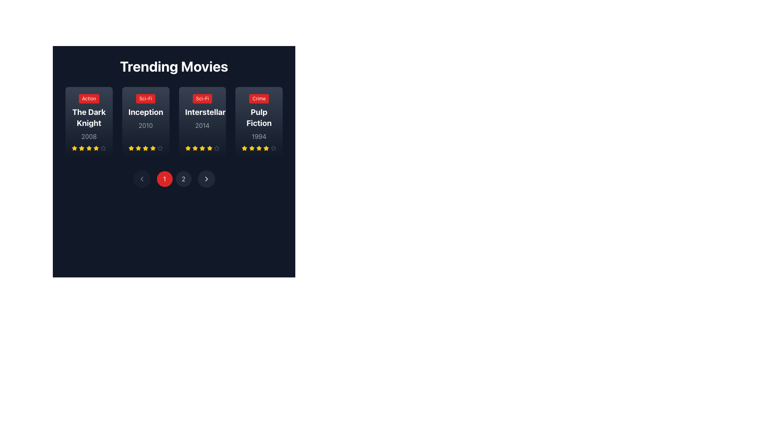 This screenshot has height=425, width=757. What do you see at coordinates (206, 179) in the screenshot?
I see `the right-pointing chevron icon embedded within the rounded rectangular button at the bottom center of the interface` at bounding box center [206, 179].